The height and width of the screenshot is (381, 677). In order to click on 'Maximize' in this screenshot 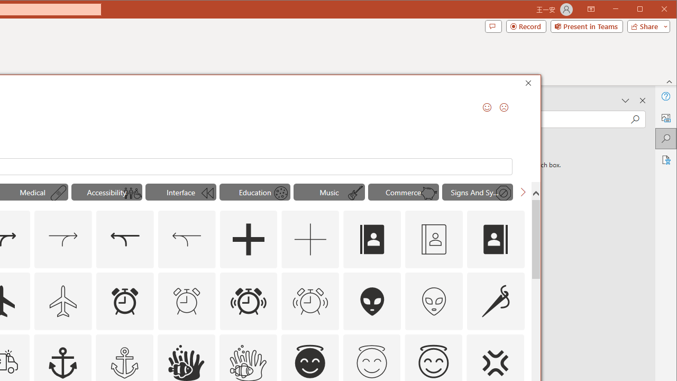, I will do `click(655, 10)`.